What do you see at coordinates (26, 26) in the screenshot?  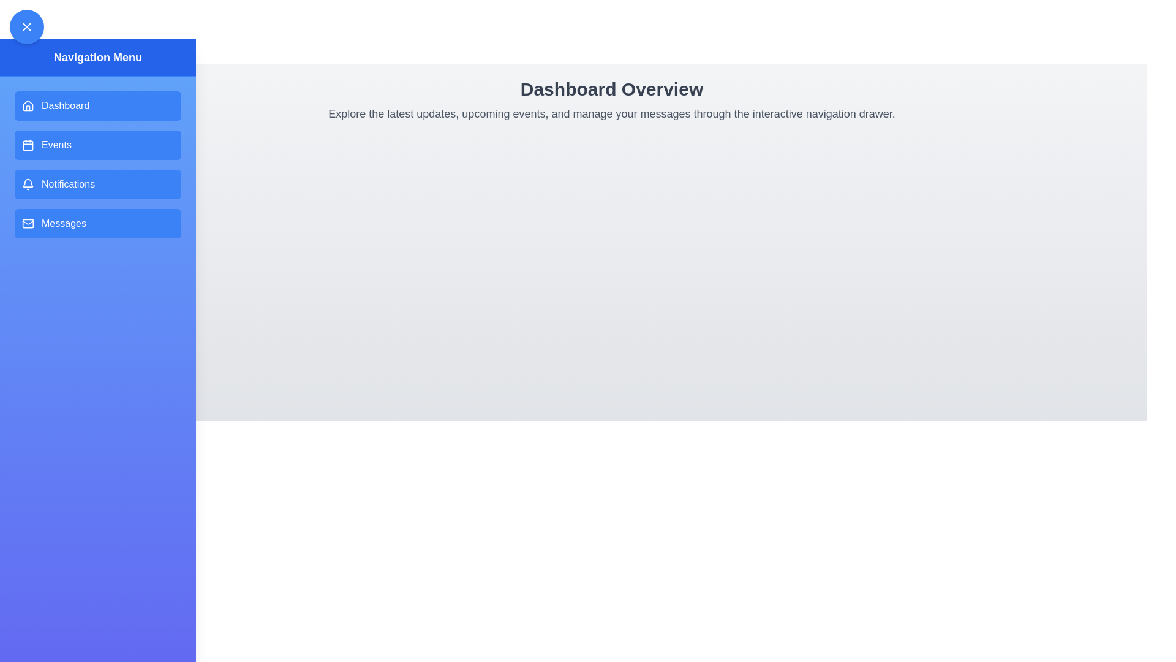 I see `toggle button to toggle the drawer visibility` at bounding box center [26, 26].